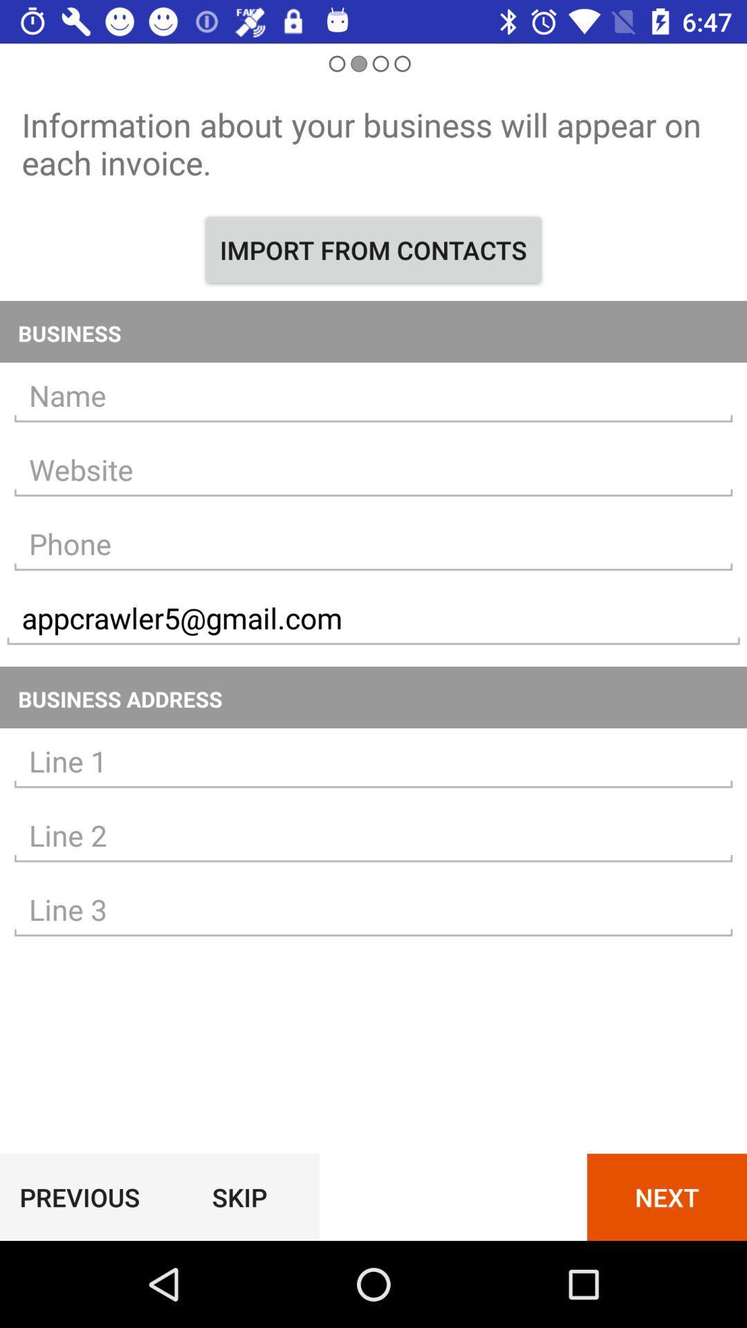 This screenshot has width=747, height=1328. What do you see at coordinates (373, 544) in the screenshot?
I see `item above appcrawler5@gmail.com` at bounding box center [373, 544].